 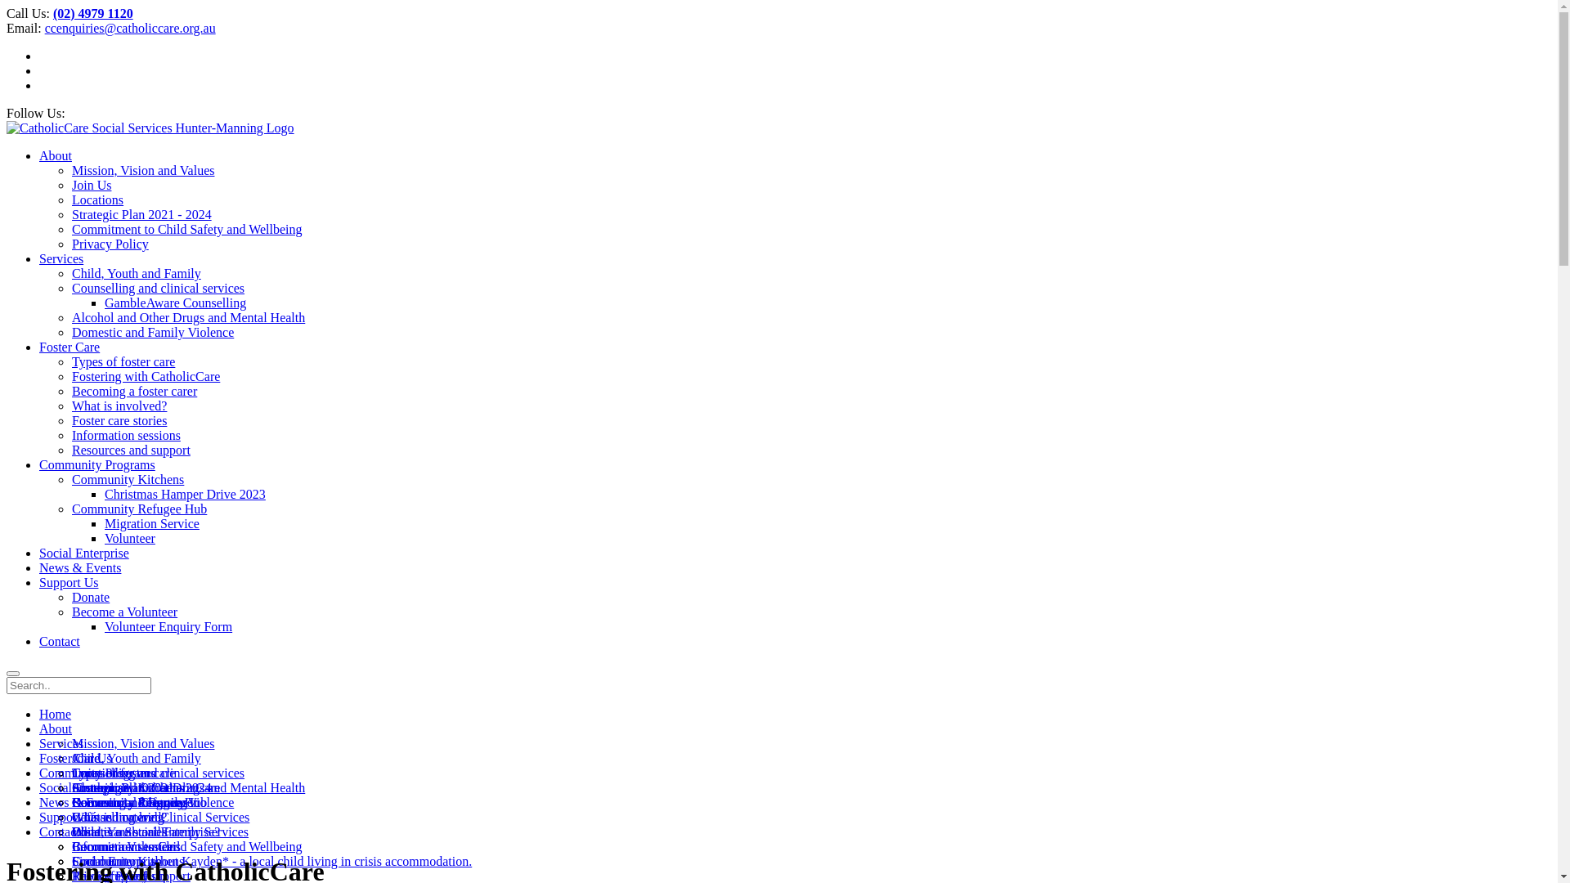 I want to click on 'Volunteer Enquiry Form', so click(x=168, y=625).